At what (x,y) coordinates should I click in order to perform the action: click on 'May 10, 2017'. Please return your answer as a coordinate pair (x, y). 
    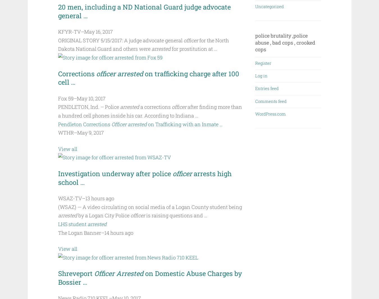
    Looking at the image, I should click on (91, 98).